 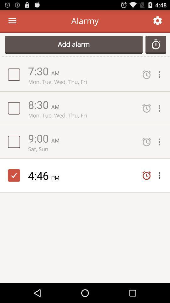 I want to click on the app below the sat, sun app, so click(x=39, y=175).